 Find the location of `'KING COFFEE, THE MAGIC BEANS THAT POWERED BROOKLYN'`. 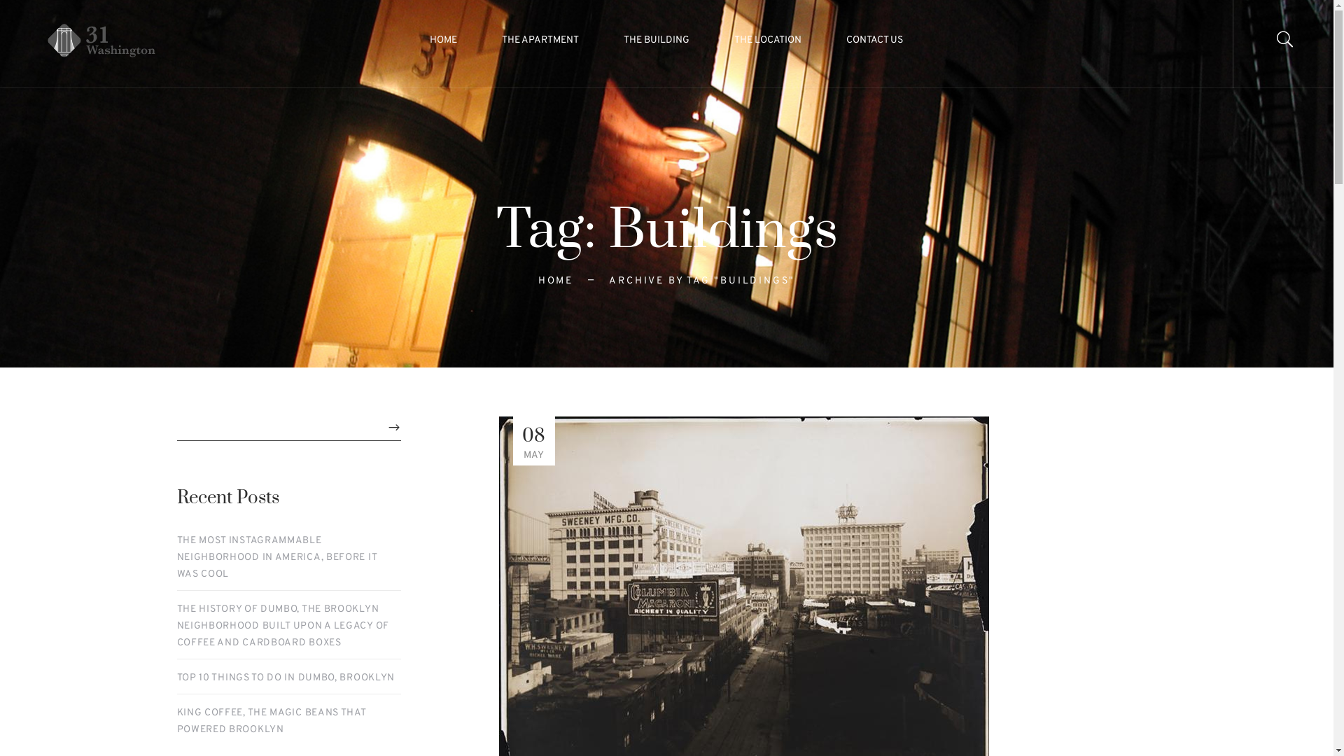

'KING COFFEE, THE MAGIC BEANS THAT POWERED BROOKLYN' is located at coordinates (288, 721).